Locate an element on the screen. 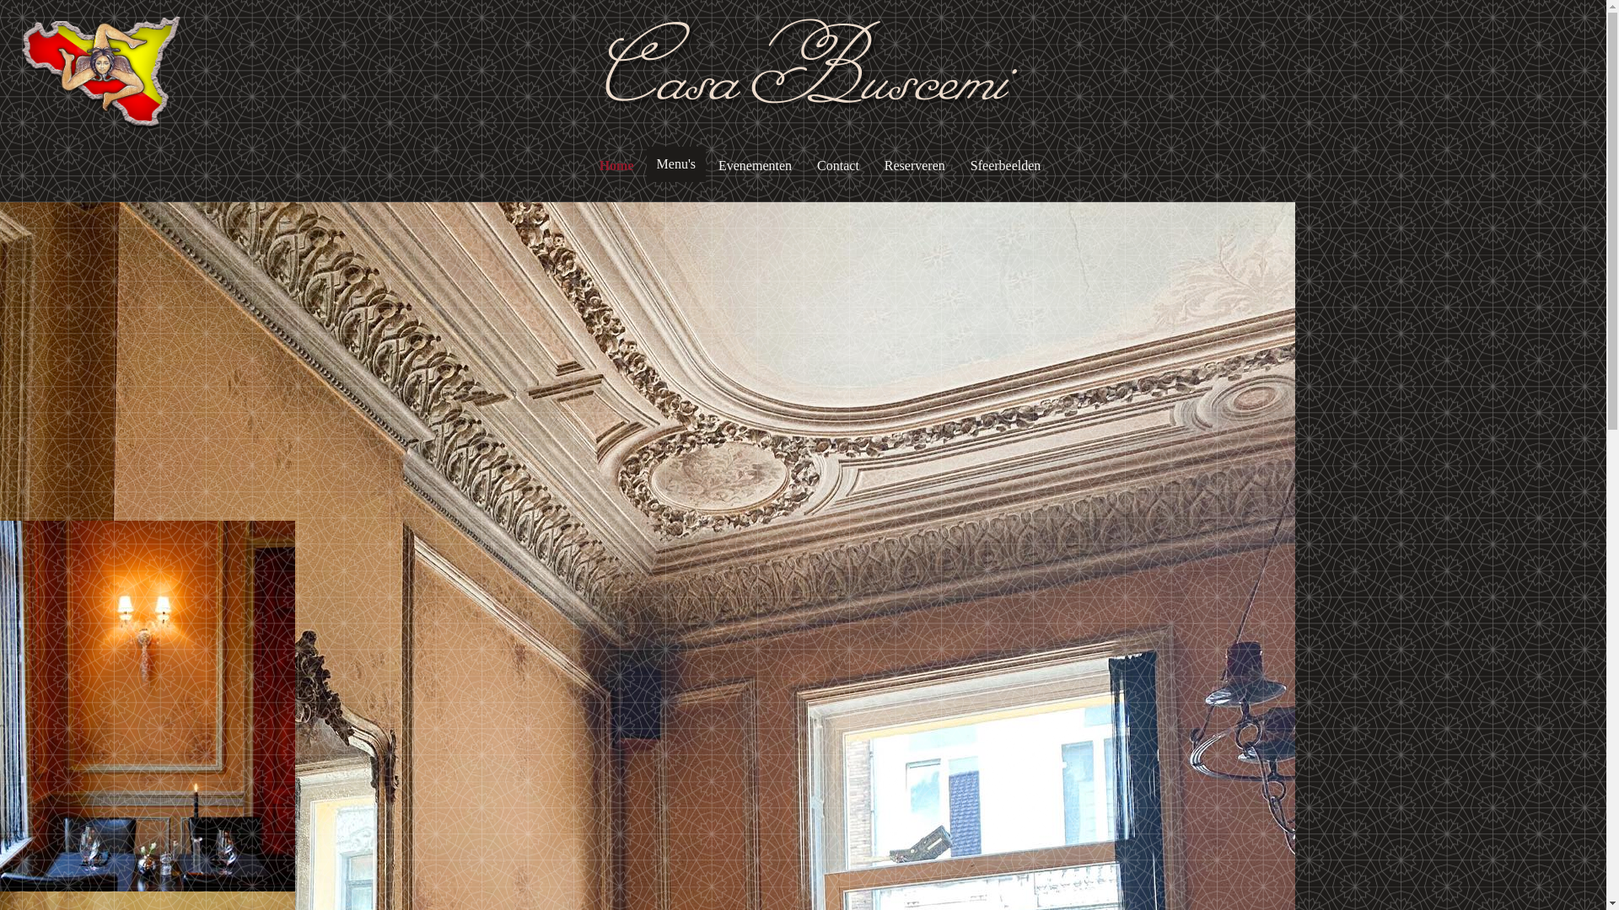 This screenshot has width=1619, height=910. 'Evenementen' is located at coordinates (754, 165).